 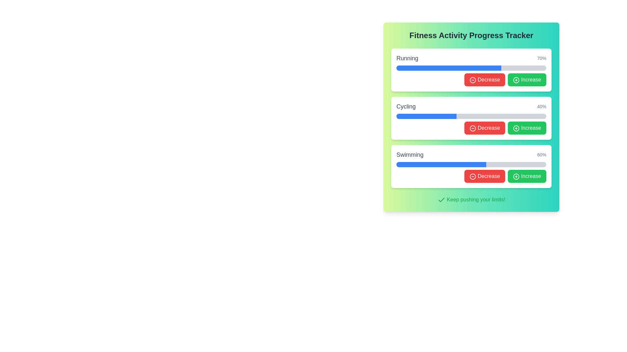 What do you see at coordinates (421, 116) in the screenshot?
I see `the progress for cycling activity` at bounding box center [421, 116].